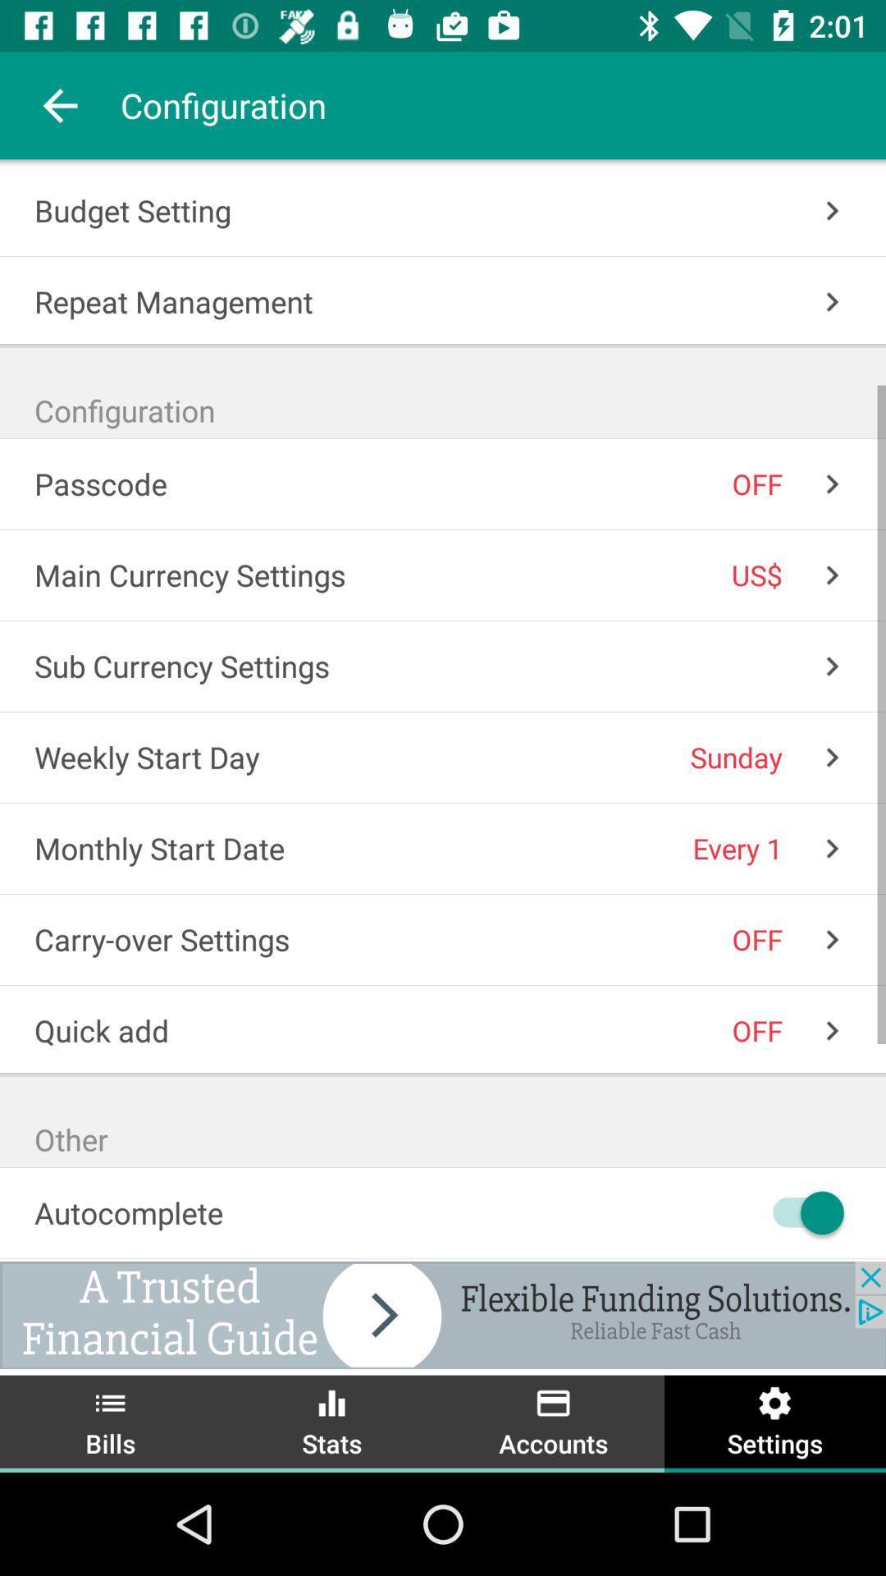 The width and height of the screenshot is (886, 1576). Describe the element at coordinates (59, 104) in the screenshot. I see `the arrow_backward icon` at that location.